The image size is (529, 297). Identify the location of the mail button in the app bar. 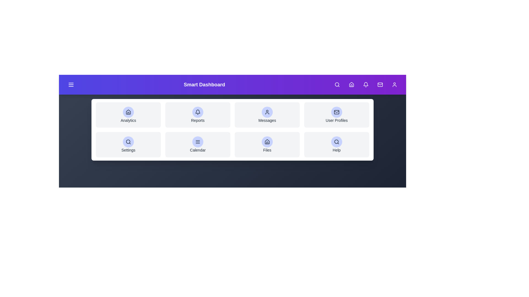
(380, 85).